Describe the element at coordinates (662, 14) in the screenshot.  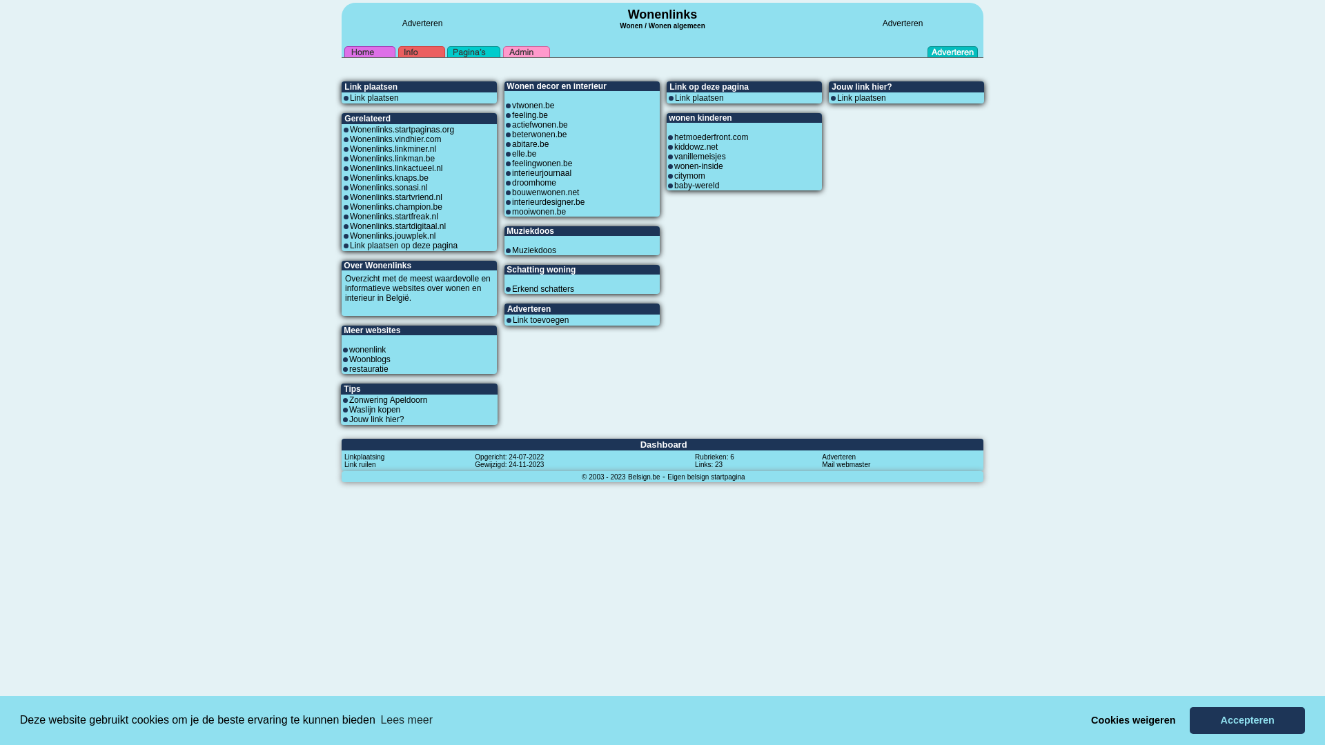
I see `'Wonenlinks'` at that location.